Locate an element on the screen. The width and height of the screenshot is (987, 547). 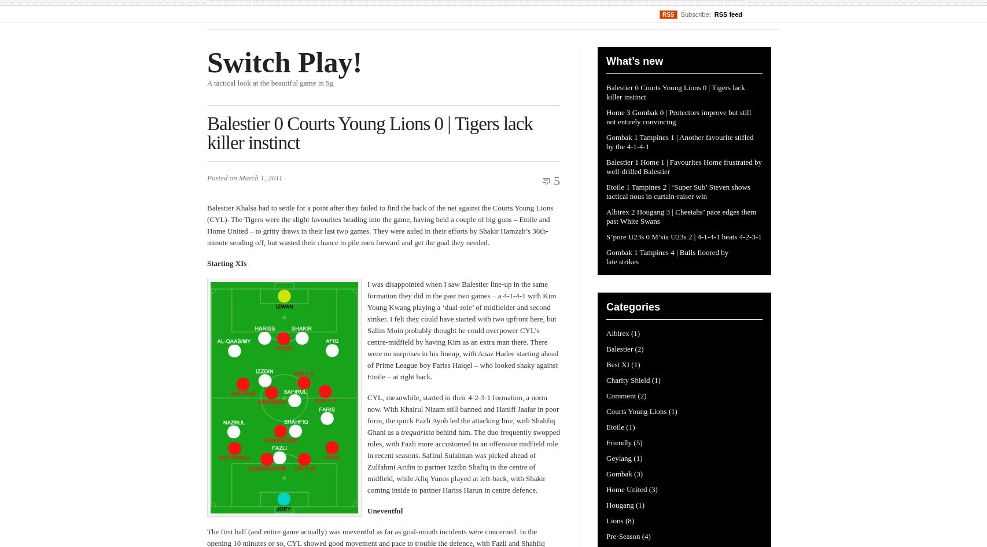
'Hougang' is located at coordinates (620, 504).